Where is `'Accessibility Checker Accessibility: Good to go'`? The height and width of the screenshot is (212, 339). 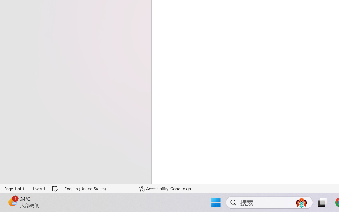 'Accessibility Checker Accessibility: Good to go' is located at coordinates (165, 188).